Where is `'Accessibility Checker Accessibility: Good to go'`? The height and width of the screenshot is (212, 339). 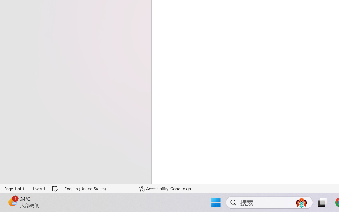 'Accessibility Checker Accessibility: Good to go' is located at coordinates (165, 188).